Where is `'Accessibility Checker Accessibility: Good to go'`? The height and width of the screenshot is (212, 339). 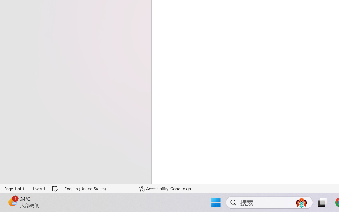 'Accessibility Checker Accessibility: Good to go' is located at coordinates (165, 188).